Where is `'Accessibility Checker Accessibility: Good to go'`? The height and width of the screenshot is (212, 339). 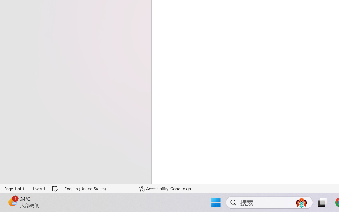 'Accessibility Checker Accessibility: Good to go' is located at coordinates (165, 188).